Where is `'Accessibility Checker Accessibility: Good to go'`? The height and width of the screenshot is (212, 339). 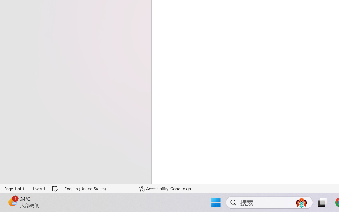 'Accessibility Checker Accessibility: Good to go' is located at coordinates (165, 188).